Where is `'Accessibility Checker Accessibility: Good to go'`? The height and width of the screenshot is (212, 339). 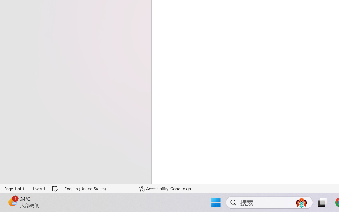 'Accessibility Checker Accessibility: Good to go' is located at coordinates (165, 188).